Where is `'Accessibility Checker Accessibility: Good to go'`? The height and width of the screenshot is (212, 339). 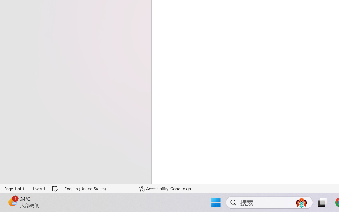 'Accessibility Checker Accessibility: Good to go' is located at coordinates (165, 188).